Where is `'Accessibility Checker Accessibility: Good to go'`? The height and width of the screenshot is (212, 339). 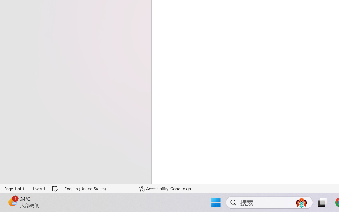 'Accessibility Checker Accessibility: Good to go' is located at coordinates (165, 188).